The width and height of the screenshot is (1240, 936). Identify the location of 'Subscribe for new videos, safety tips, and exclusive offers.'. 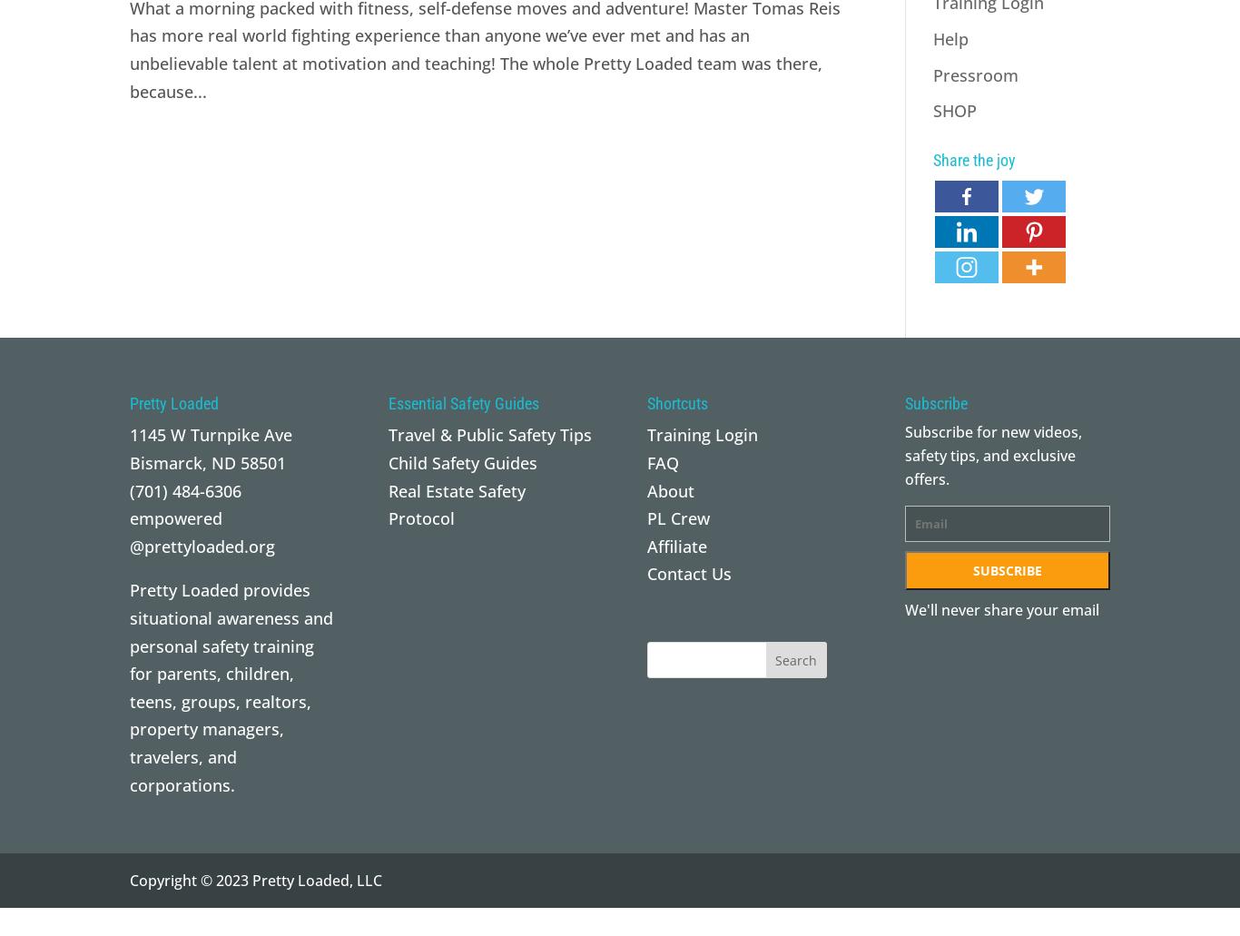
(992, 455).